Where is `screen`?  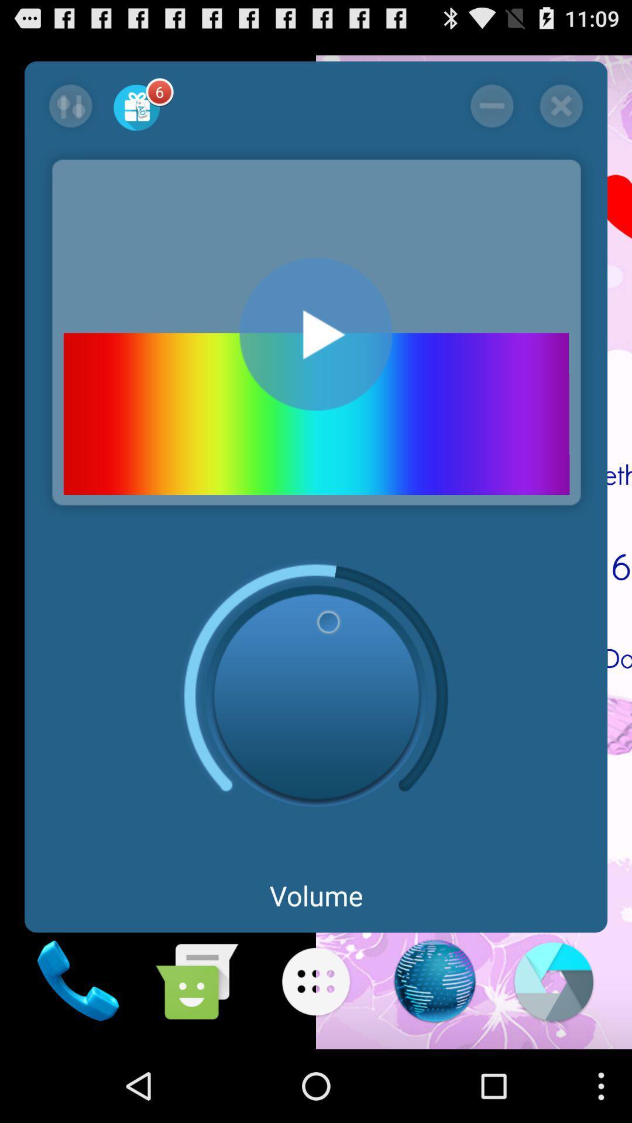 screen is located at coordinates (492, 106).